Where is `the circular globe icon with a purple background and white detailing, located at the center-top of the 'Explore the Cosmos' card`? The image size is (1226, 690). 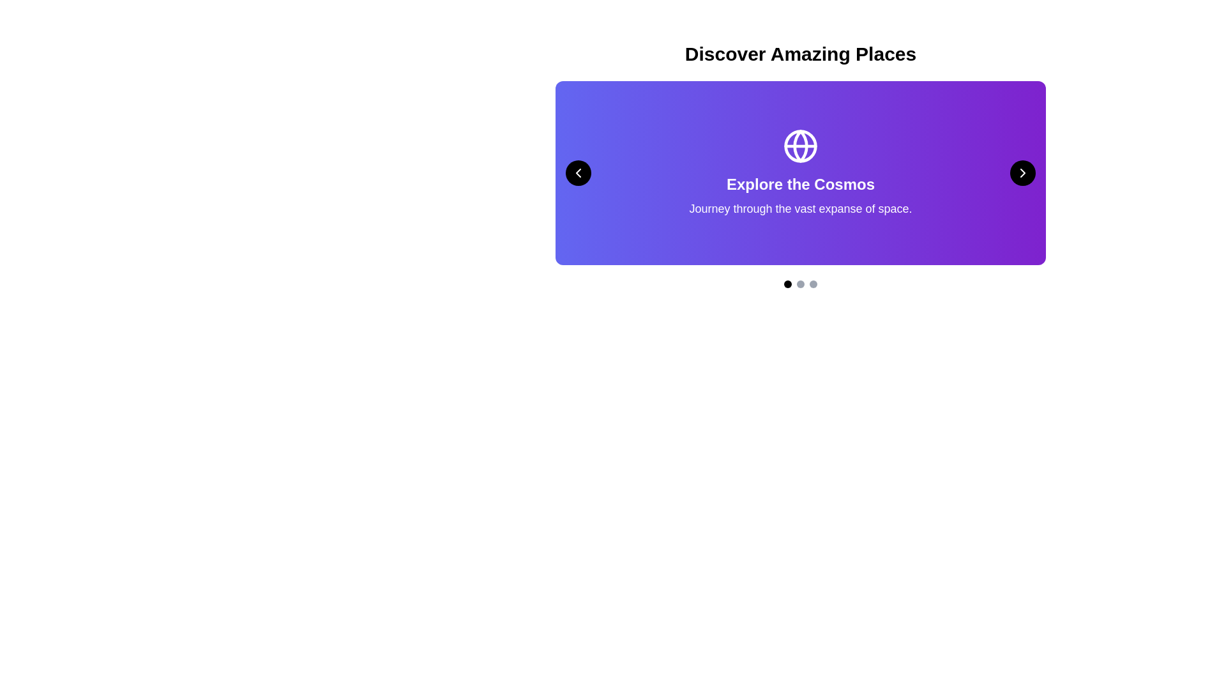
the circular globe icon with a purple background and white detailing, located at the center-top of the 'Explore the Cosmos' card is located at coordinates (799, 145).